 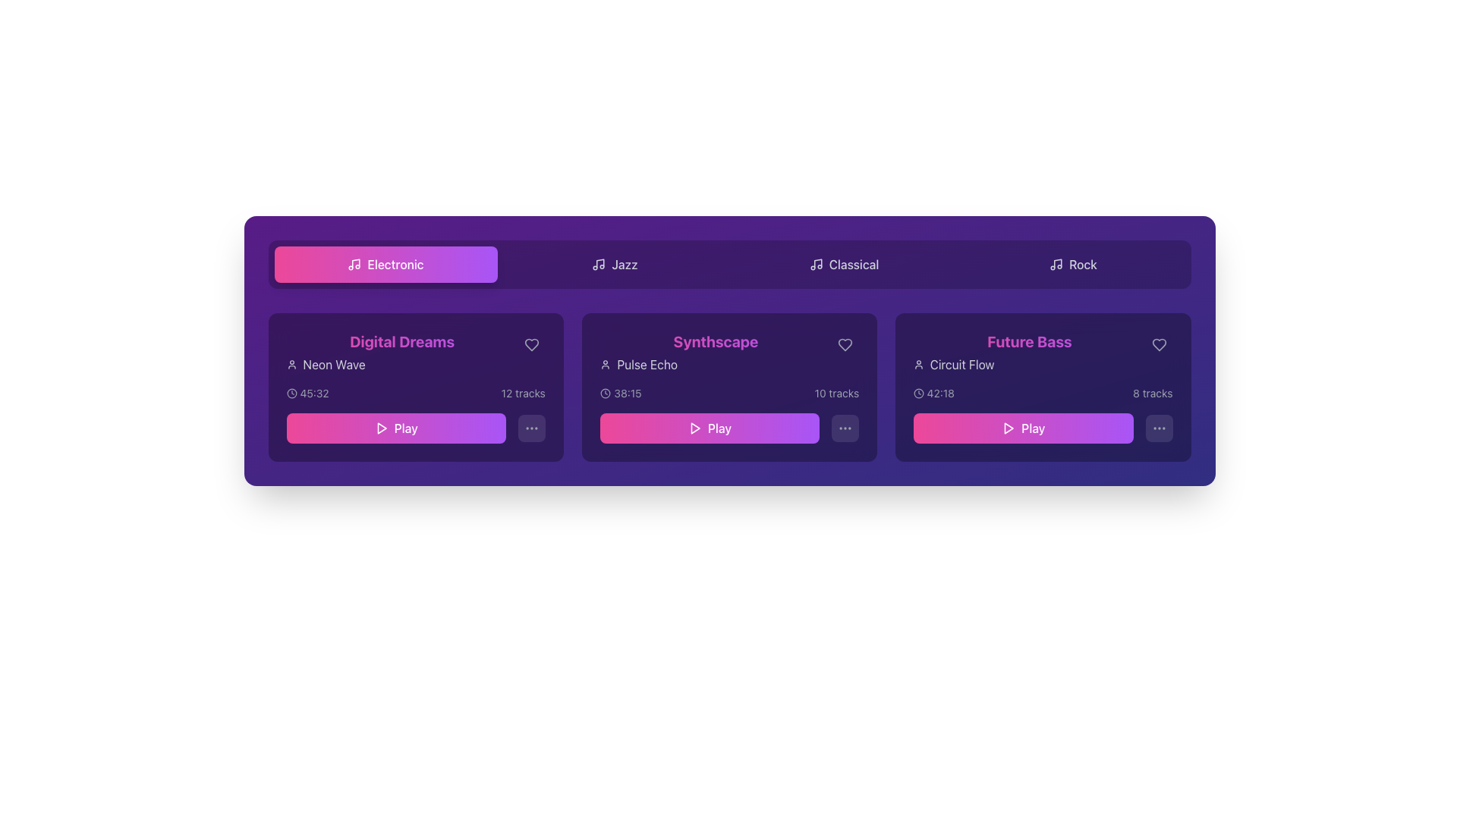 I want to click on the user profile silhouette SVG icon located to the left of the 'Neon Wave' label in the 'Digital Dreams' section, so click(x=291, y=365).